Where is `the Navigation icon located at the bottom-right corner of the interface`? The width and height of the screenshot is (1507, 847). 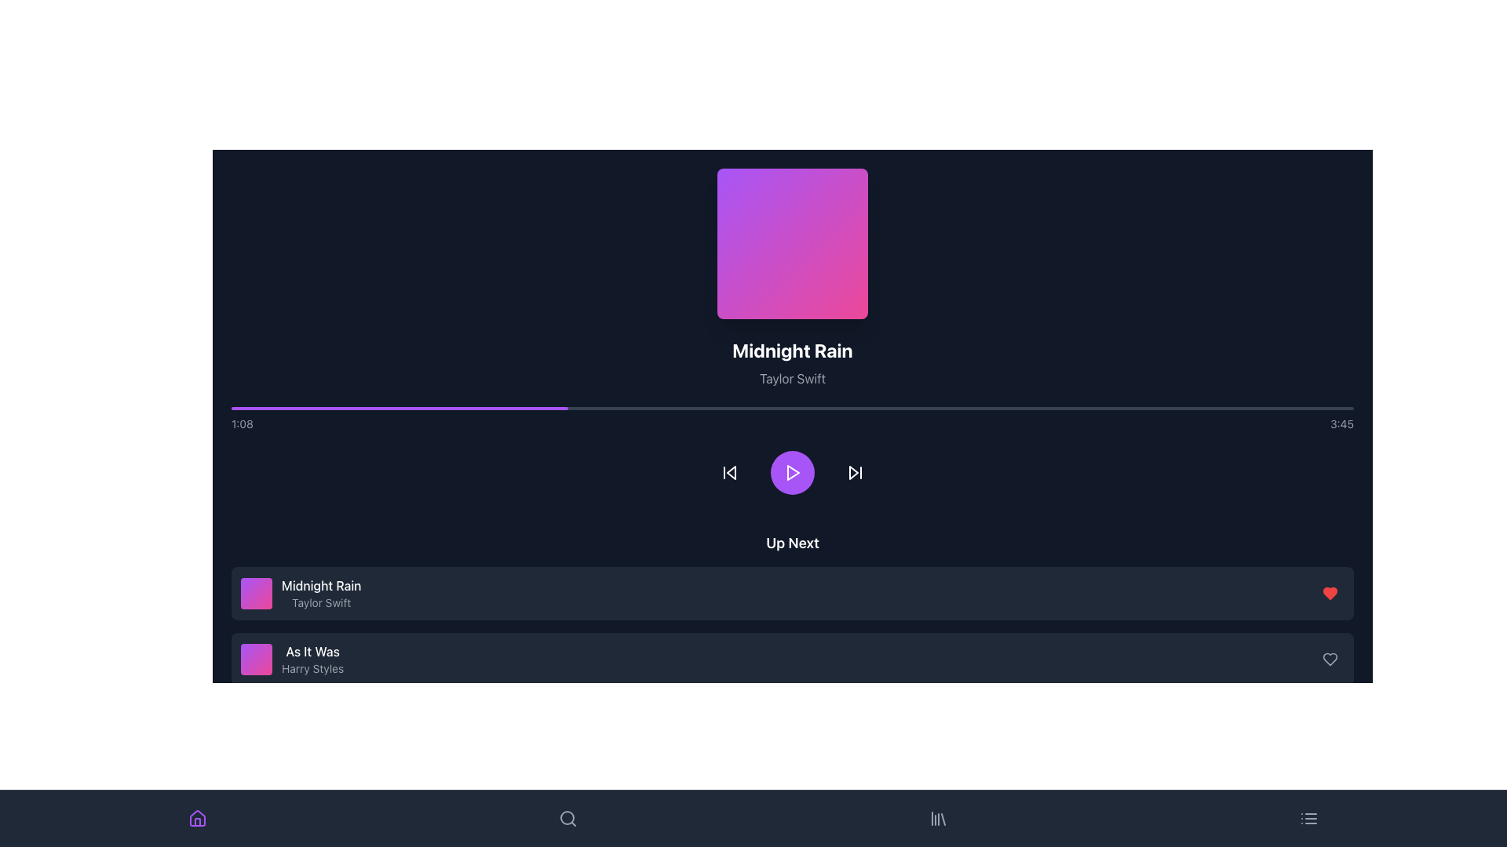
the Navigation icon located at the bottom-right corner of the interface is located at coordinates (938, 818).